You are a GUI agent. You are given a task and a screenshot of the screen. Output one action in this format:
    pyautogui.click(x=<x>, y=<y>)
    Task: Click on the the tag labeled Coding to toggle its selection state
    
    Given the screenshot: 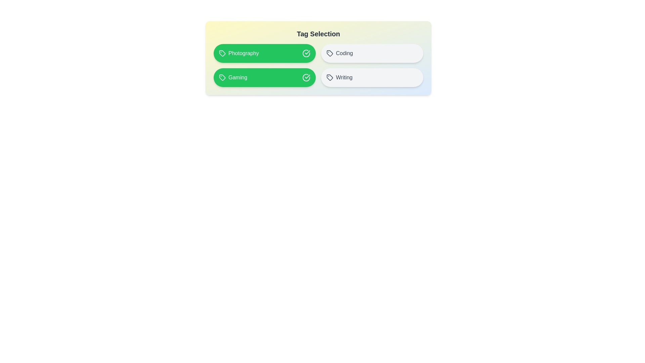 What is the action you would take?
    pyautogui.click(x=372, y=53)
    